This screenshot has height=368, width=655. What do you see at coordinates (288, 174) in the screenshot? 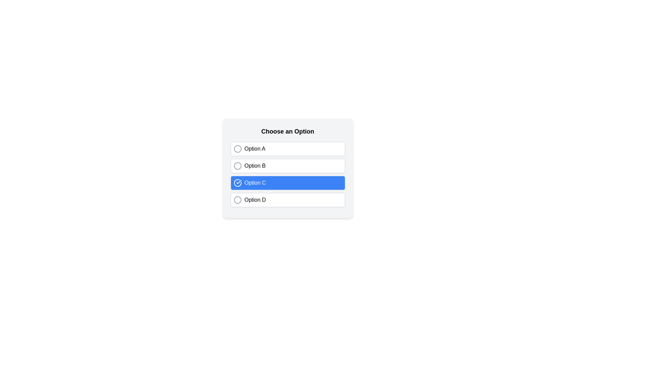
I see `the radio button labeled 'Option C', which is the third option in a vertical list of selectable options with a blue background and white checkmark icon` at bounding box center [288, 174].